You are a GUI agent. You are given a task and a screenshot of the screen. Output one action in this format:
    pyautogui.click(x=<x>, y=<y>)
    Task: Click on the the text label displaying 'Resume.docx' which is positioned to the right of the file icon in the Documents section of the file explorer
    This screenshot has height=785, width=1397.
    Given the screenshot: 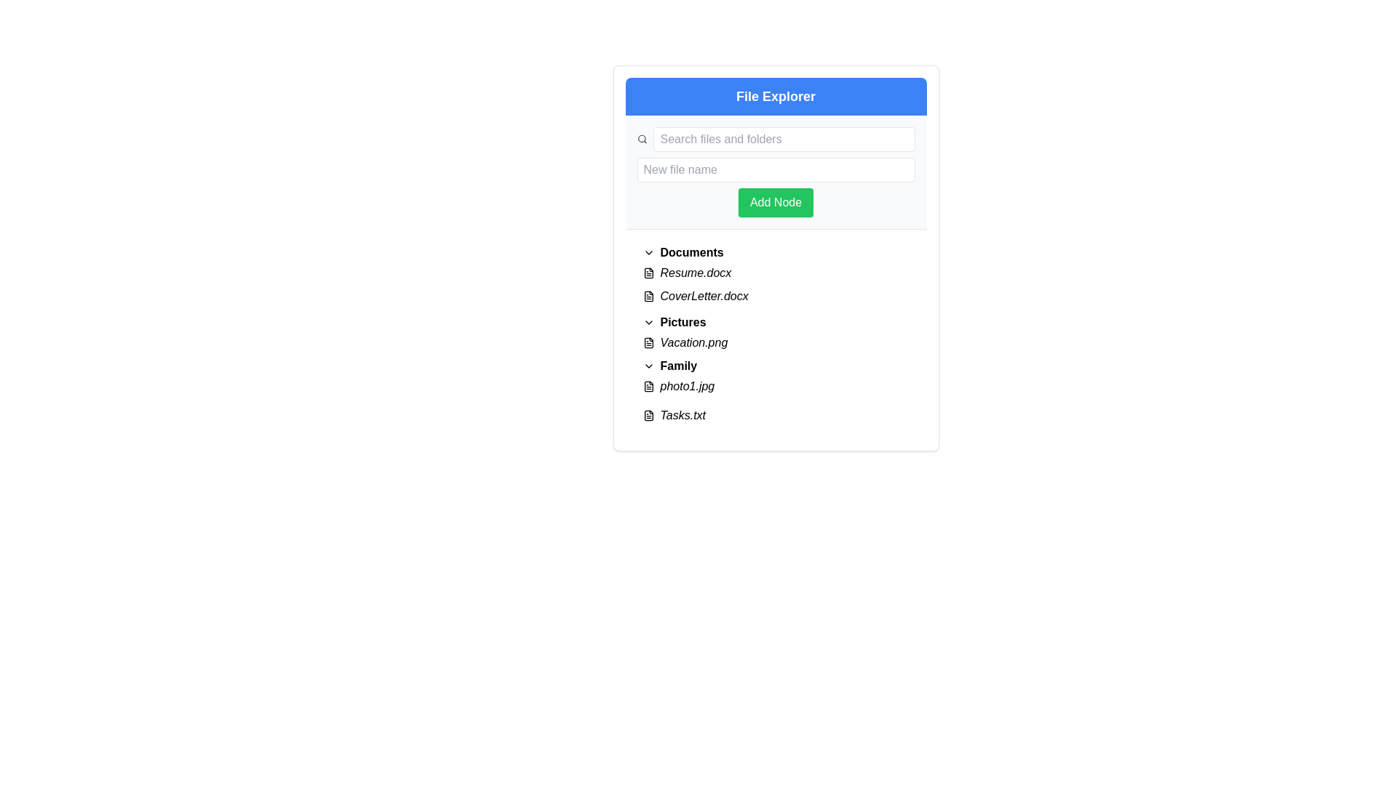 What is the action you would take?
    pyautogui.click(x=695, y=273)
    